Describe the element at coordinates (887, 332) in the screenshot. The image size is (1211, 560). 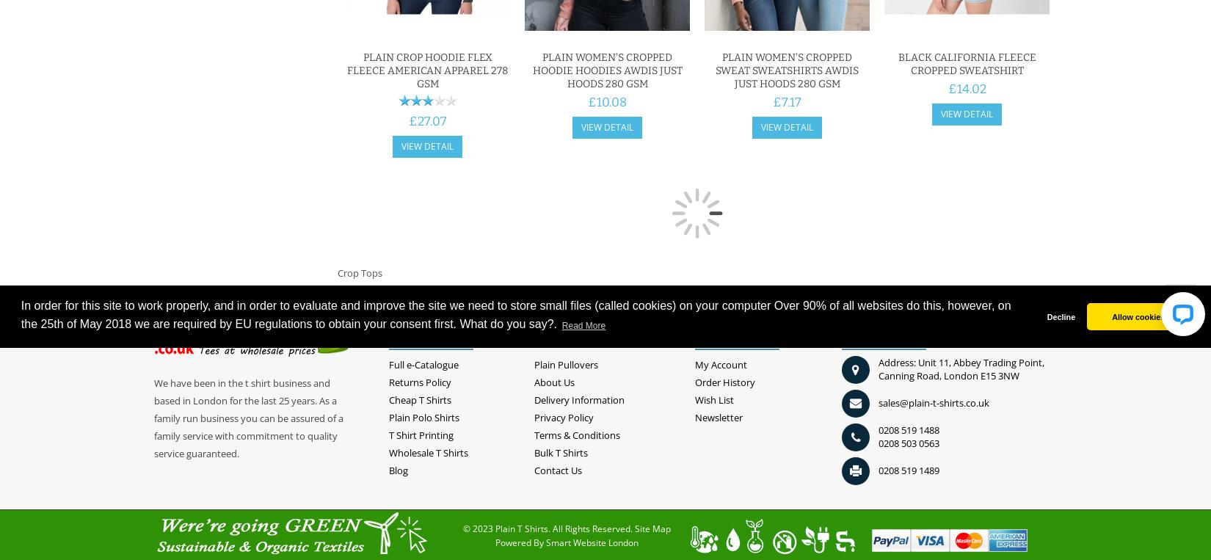
I see `'Contact Us'` at that location.